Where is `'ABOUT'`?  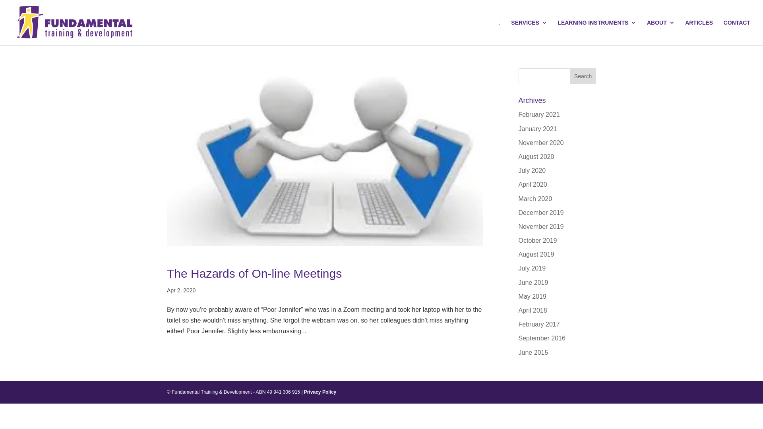
'ABOUT' is located at coordinates (660, 32).